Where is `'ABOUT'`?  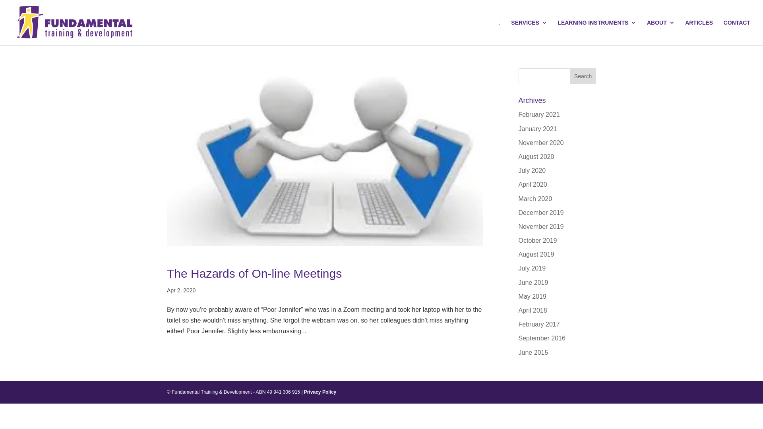
'ABOUT' is located at coordinates (660, 32).